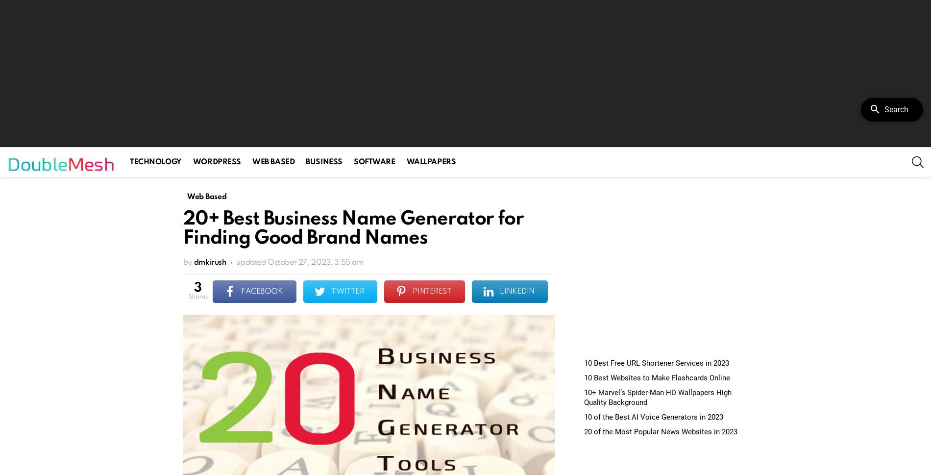 The width and height of the screenshot is (931, 475). Describe the element at coordinates (517, 290) in the screenshot. I see `'LinkedIn'` at that location.